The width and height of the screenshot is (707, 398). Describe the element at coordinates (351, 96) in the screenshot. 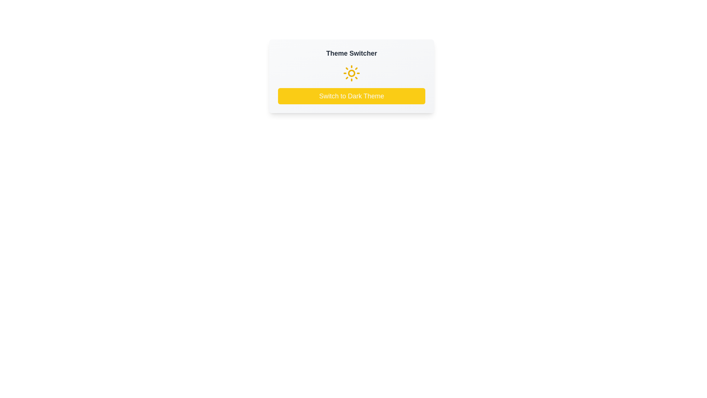

I see `button labeled 'Switch to Dark Theme' to toggle the theme` at that location.